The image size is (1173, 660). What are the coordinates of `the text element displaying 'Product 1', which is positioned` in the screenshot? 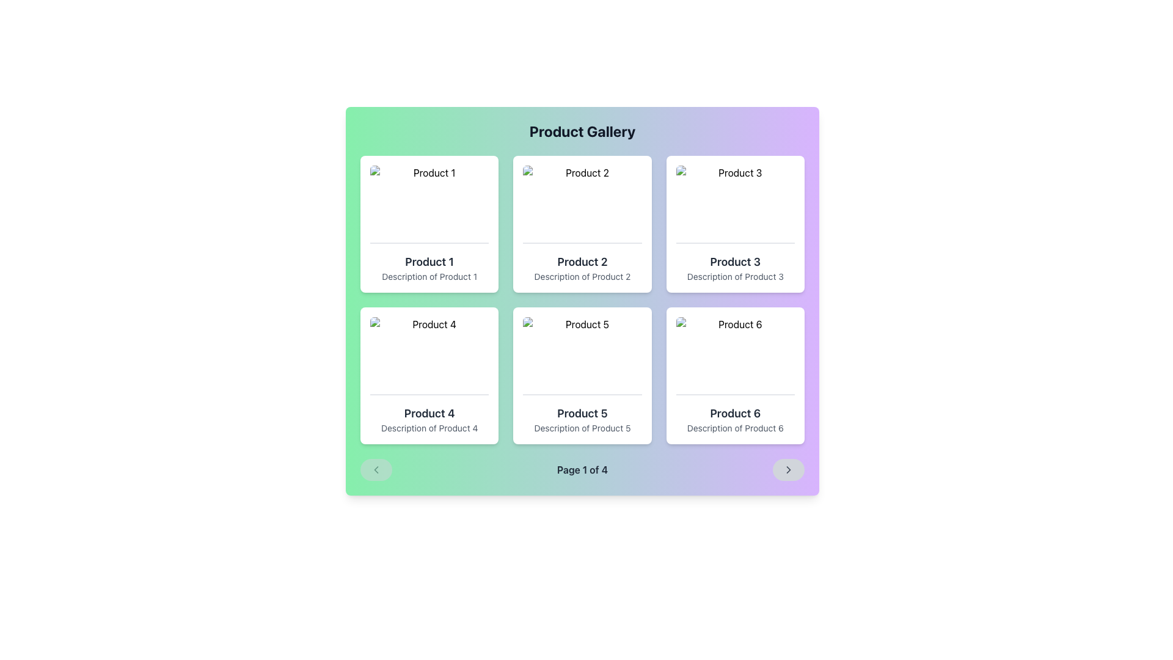 It's located at (429, 261).